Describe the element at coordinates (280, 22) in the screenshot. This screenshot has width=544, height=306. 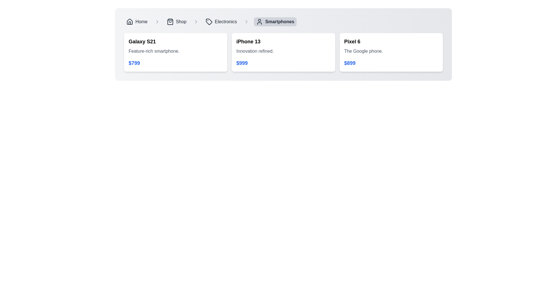
I see `the static text within the breadcrumb navigation indicating the 'Smartphones' category, located in the top center portion of the interface` at that location.